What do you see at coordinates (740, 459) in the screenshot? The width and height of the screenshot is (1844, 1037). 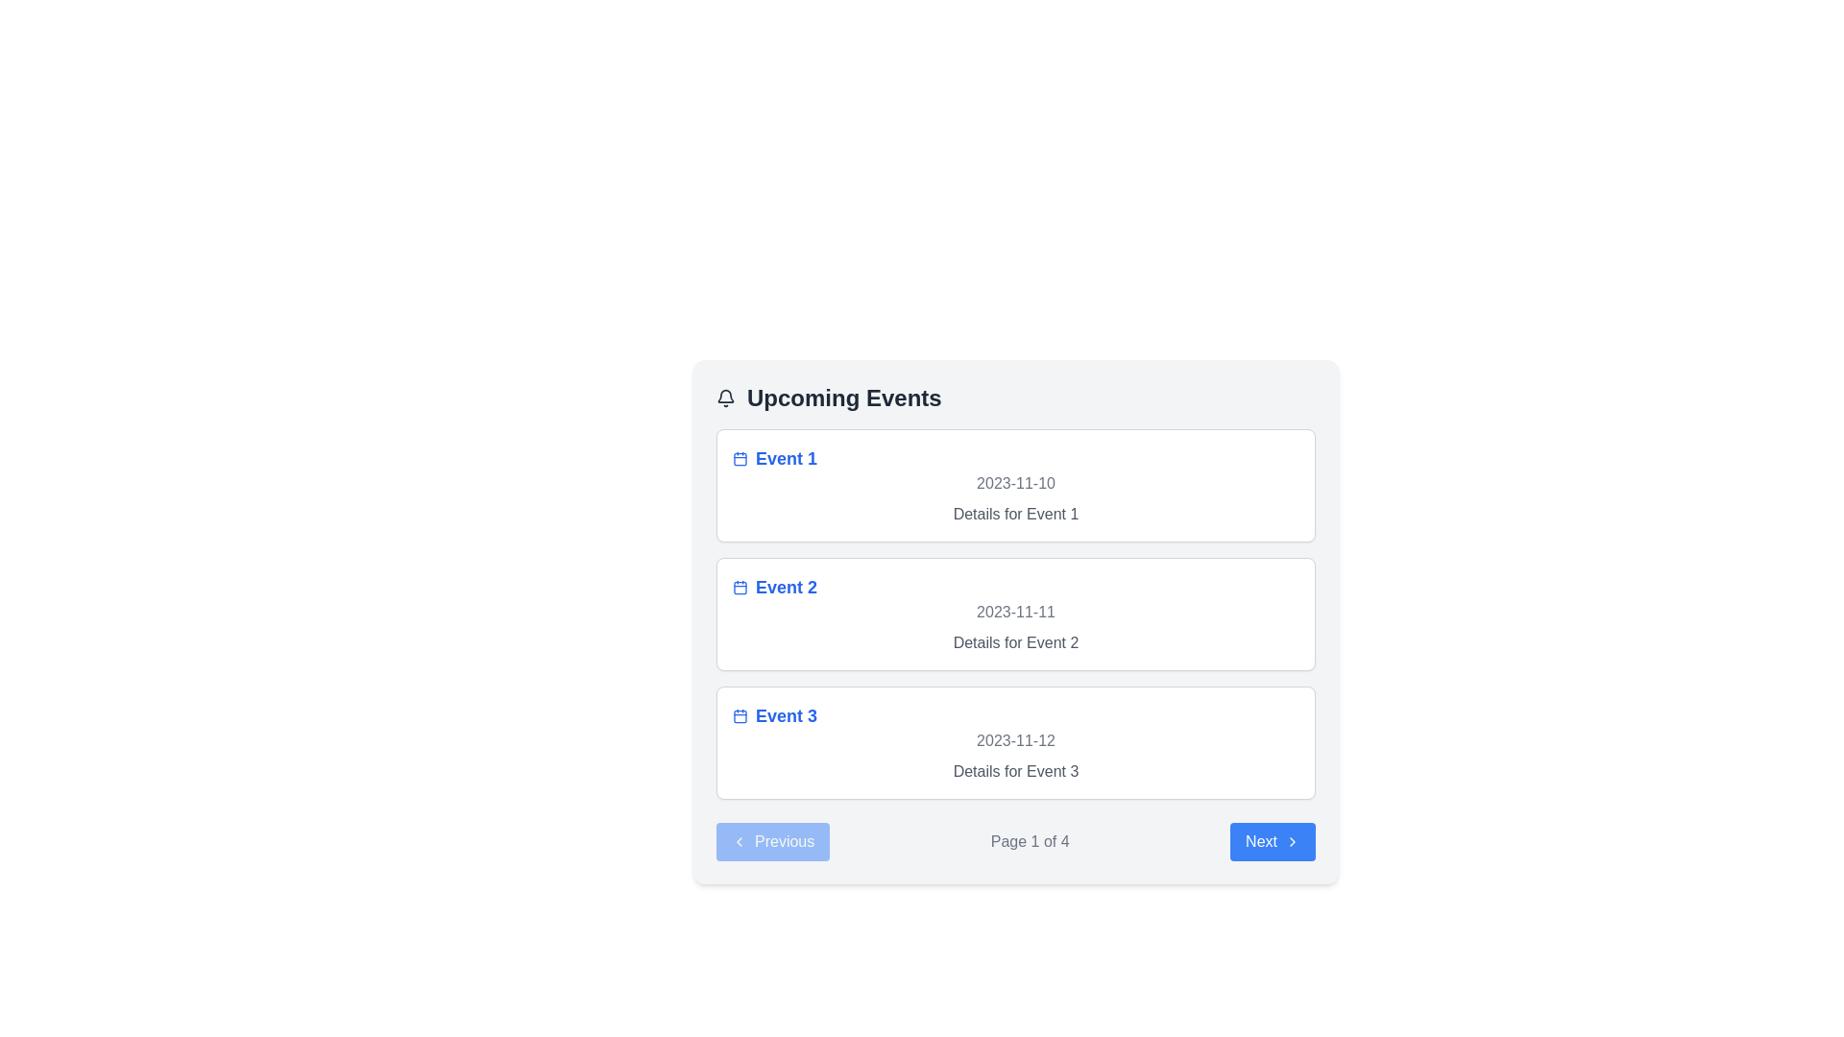 I see `the calendar icon located to the left of the text 'Event 1' in the 'Upcoming Events' list` at bounding box center [740, 459].